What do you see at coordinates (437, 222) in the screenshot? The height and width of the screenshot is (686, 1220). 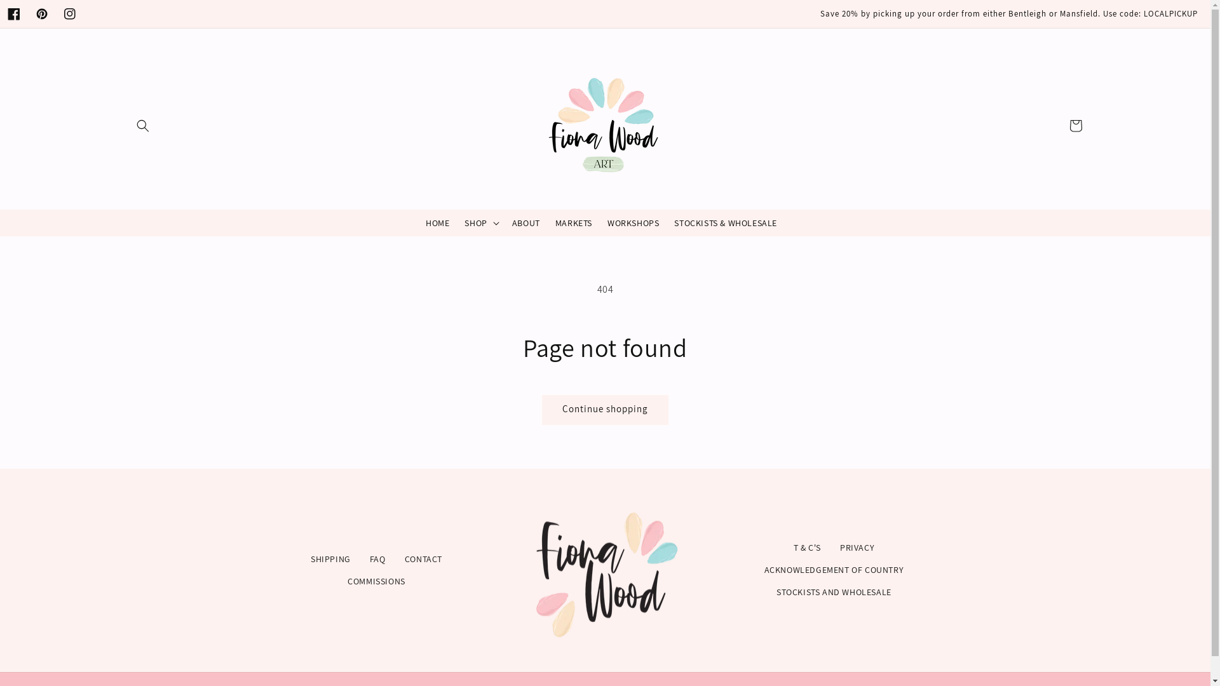 I see `'HOME'` at bounding box center [437, 222].